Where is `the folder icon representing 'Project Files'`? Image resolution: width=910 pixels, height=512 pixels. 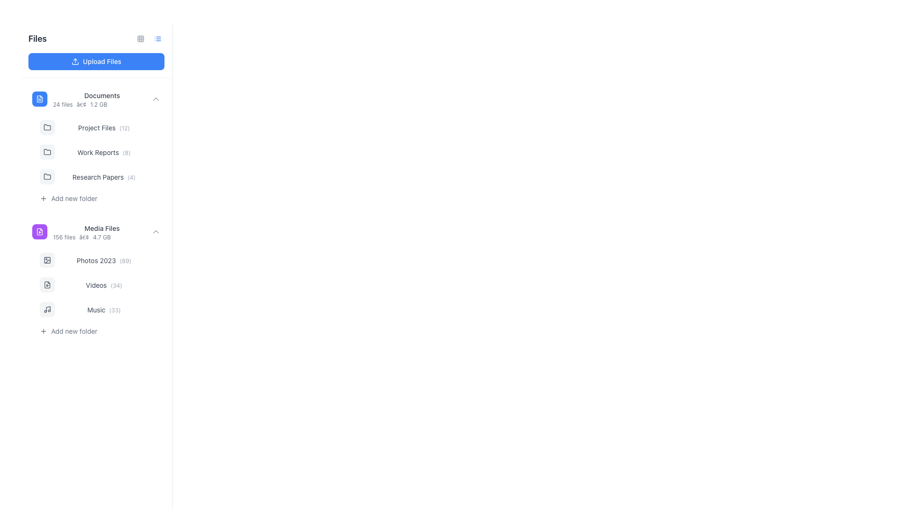 the folder icon representing 'Project Files' is located at coordinates (47, 126).